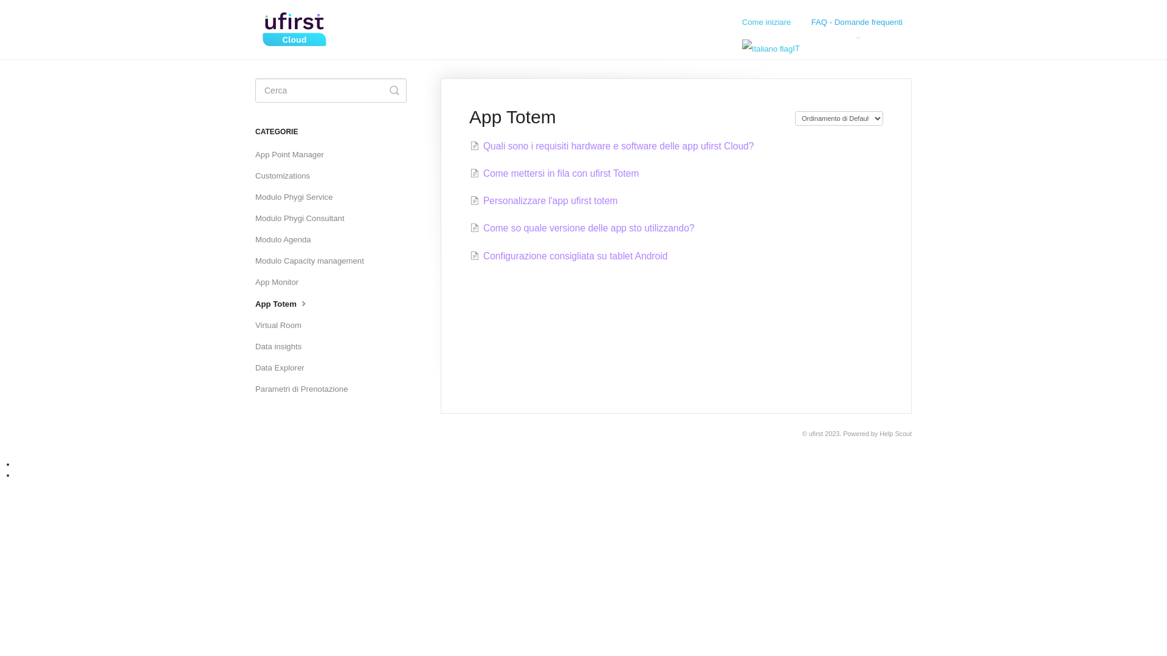 This screenshot has height=656, width=1167. What do you see at coordinates (283, 367) in the screenshot?
I see `'Data Explorer'` at bounding box center [283, 367].